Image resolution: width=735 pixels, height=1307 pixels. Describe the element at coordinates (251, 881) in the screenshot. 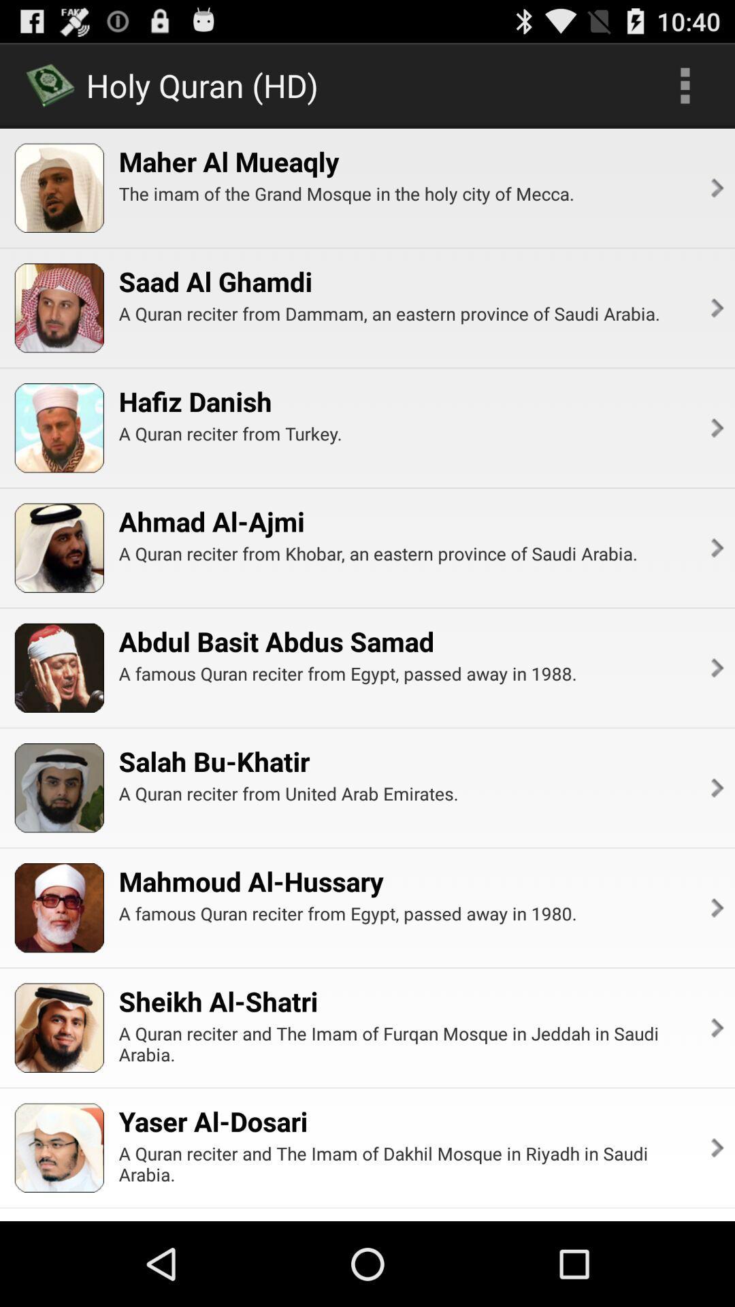

I see `the app above the a famous quran app` at that location.